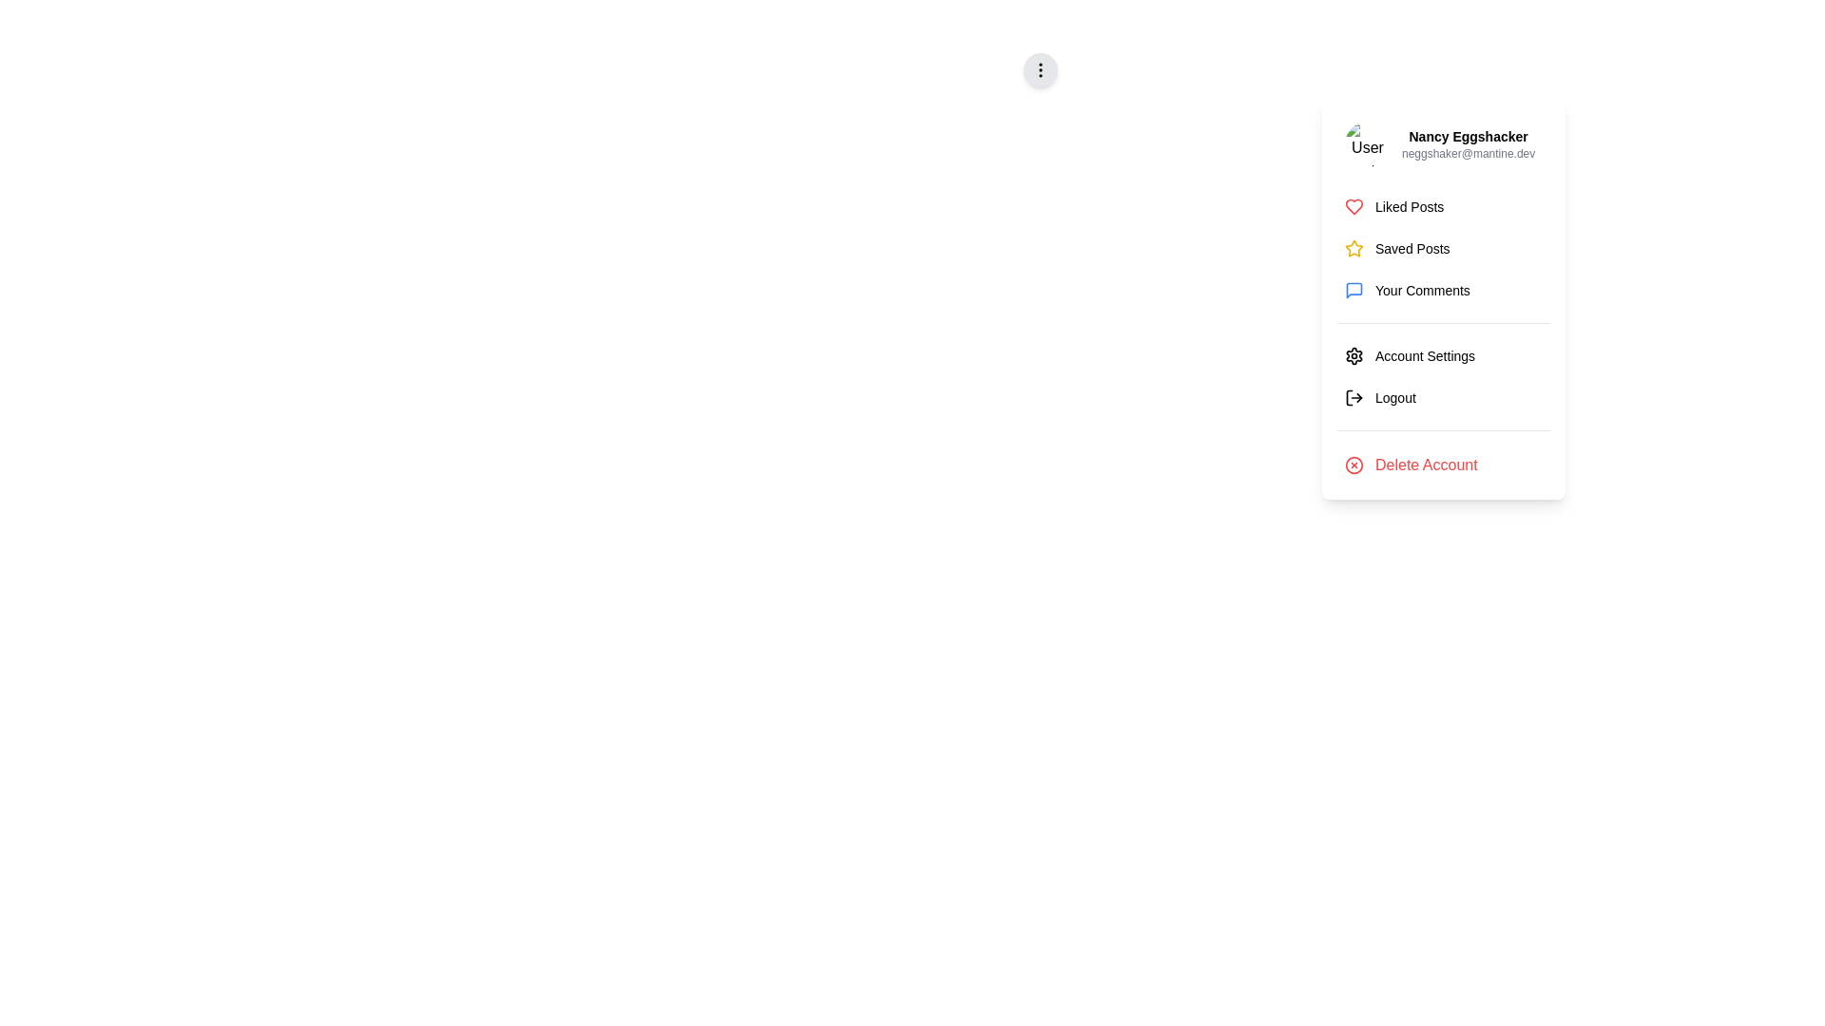 This screenshot has width=1825, height=1026. I want to click on the settings icon located to the left of the 'Account Settings' label, so click(1354, 355).